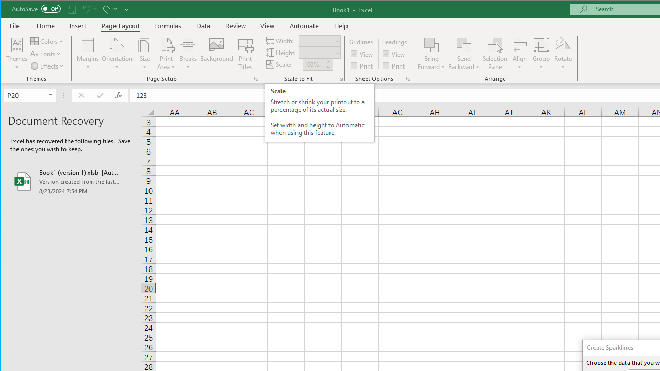 This screenshot has width=660, height=371. What do you see at coordinates (47, 41) in the screenshot?
I see `'Colors'` at bounding box center [47, 41].